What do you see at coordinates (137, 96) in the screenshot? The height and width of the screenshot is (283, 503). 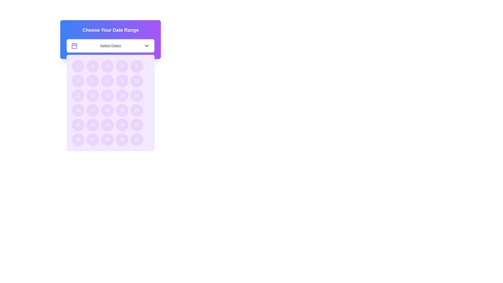 I see `the button representing the date '15' in the fifth column of the third row under the 'Choose Your Date Range' section` at bounding box center [137, 96].